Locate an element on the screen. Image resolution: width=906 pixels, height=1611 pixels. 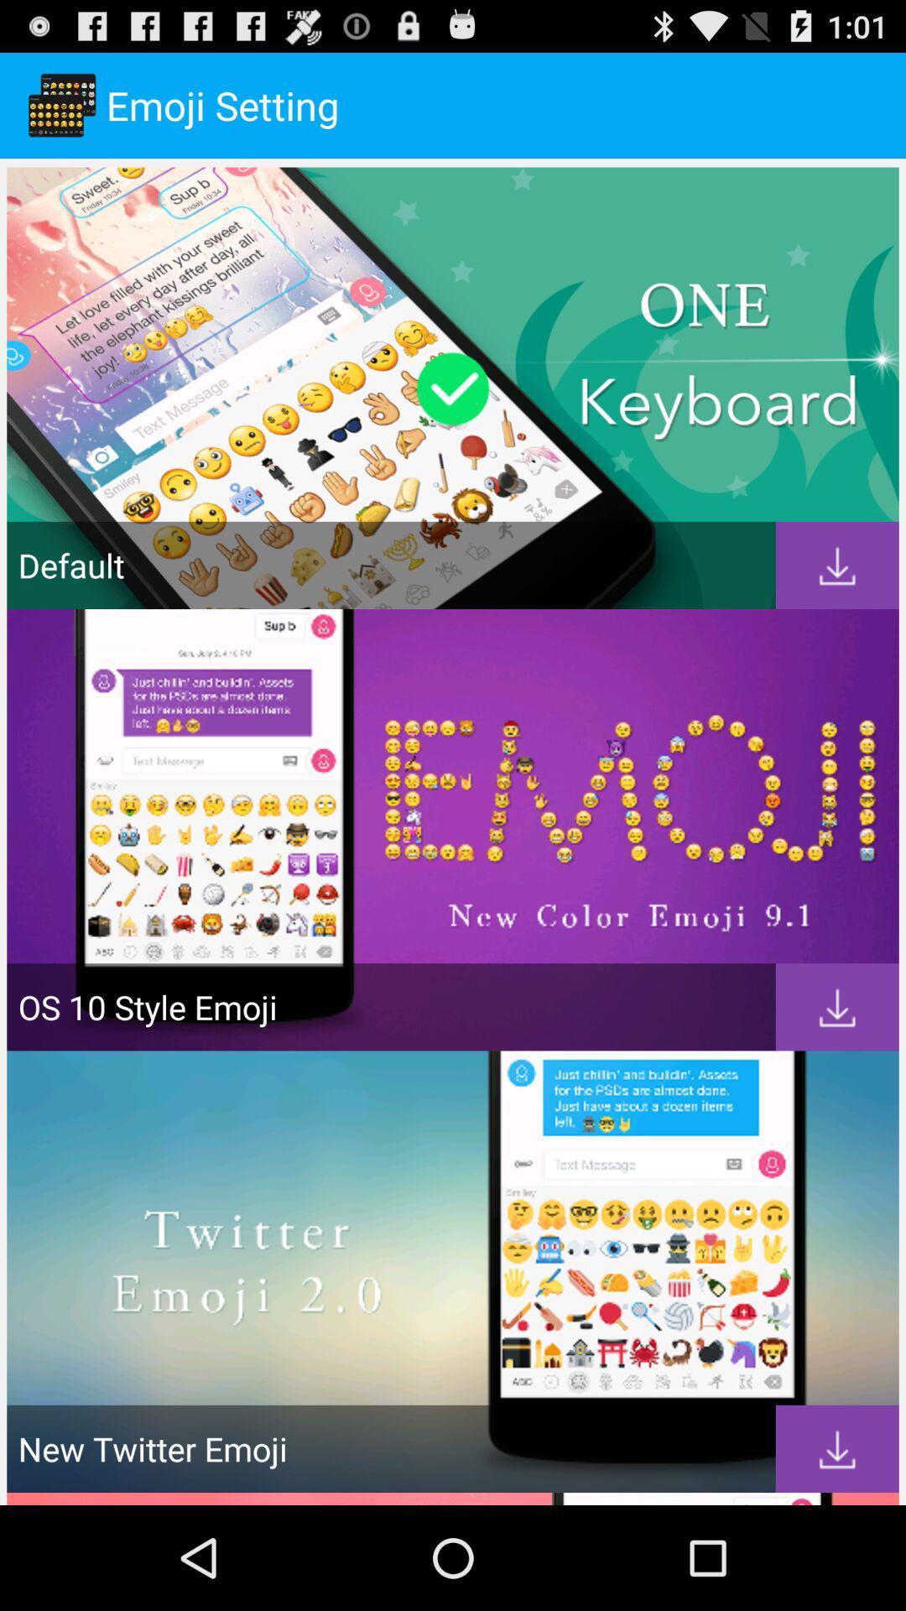
scrolls down page is located at coordinates (837, 1007).